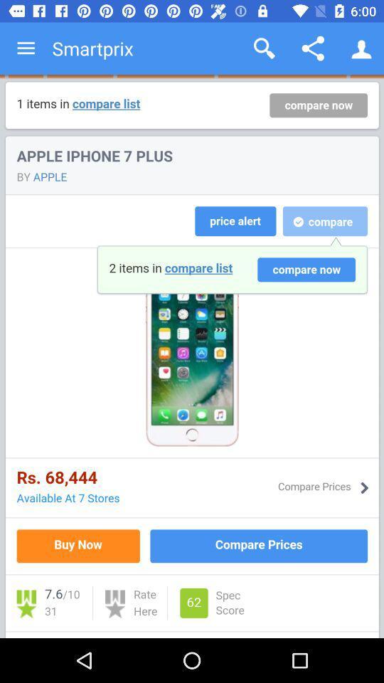  I want to click on main image screen, so click(192, 356).